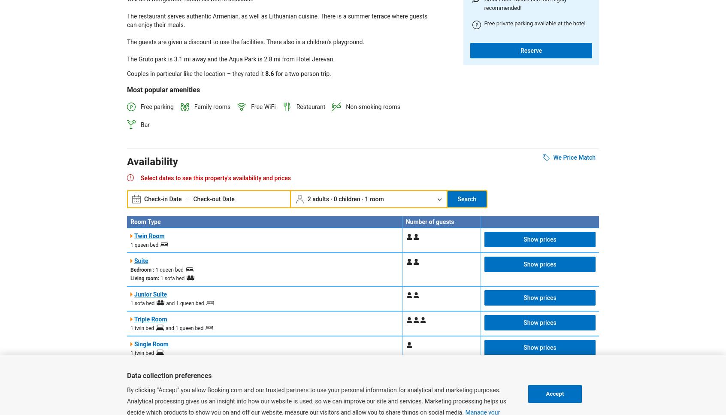 The image size is (726, 415). Describe the element at coordinates (149, 235) in the screenshot. I see `'Twin Room'` at that location.